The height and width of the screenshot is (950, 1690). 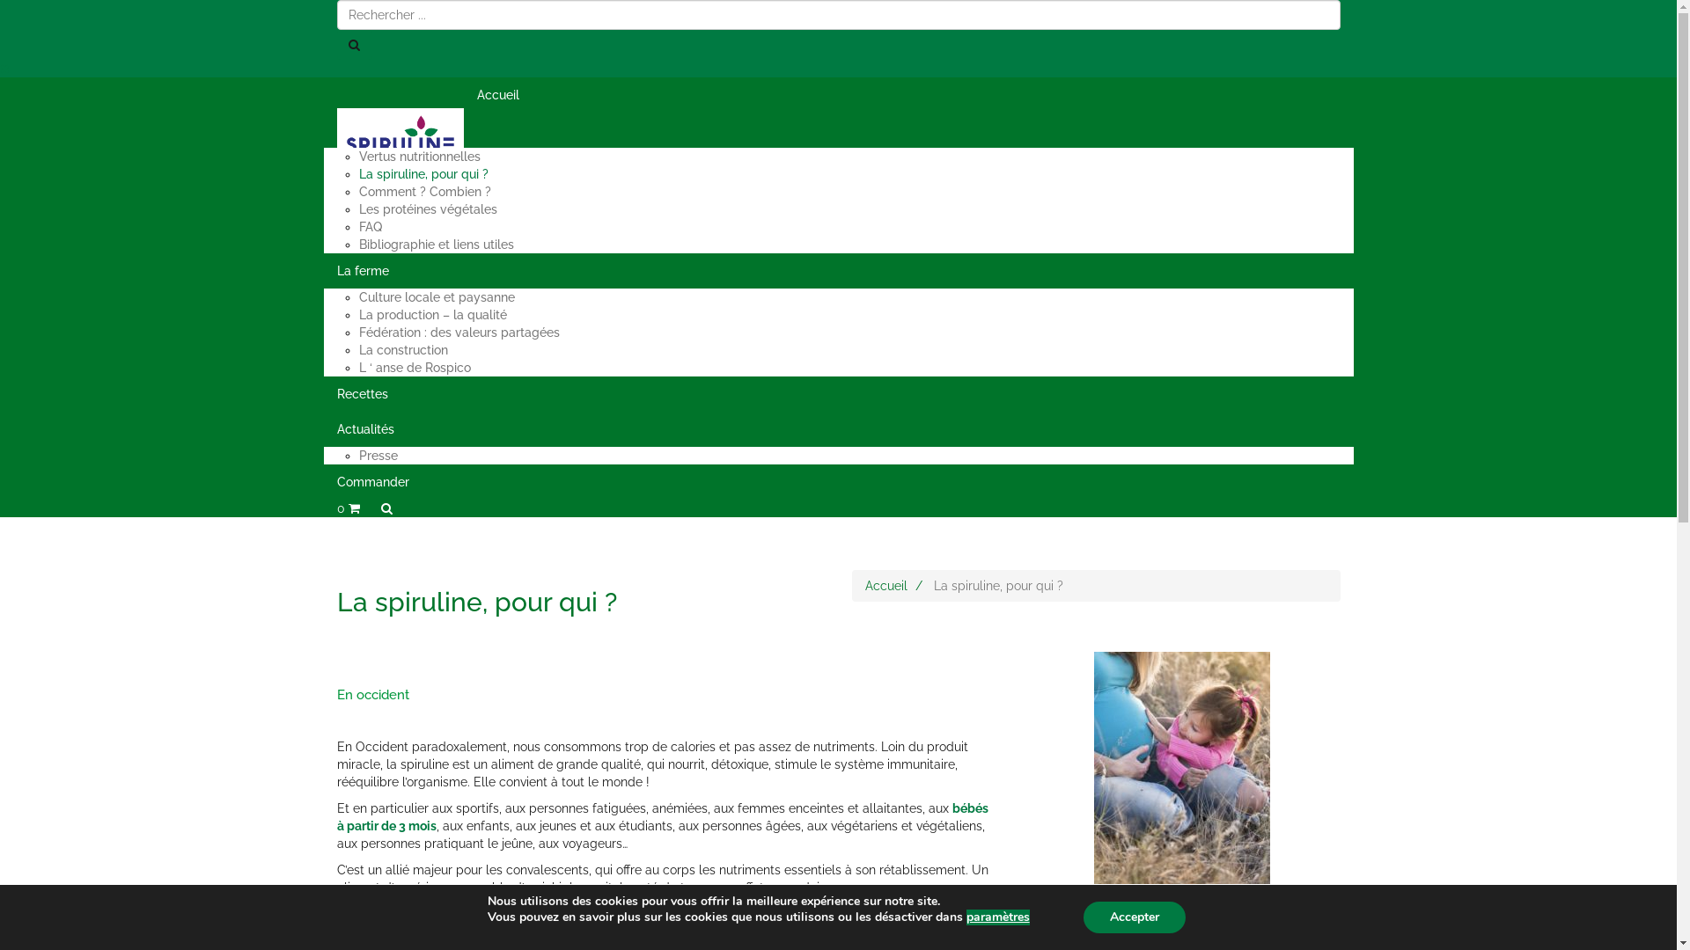 What do you see at coordinates (1082, 916) in the screenshot?
I see `'Accepter'` at bounding box center [1082, 916].